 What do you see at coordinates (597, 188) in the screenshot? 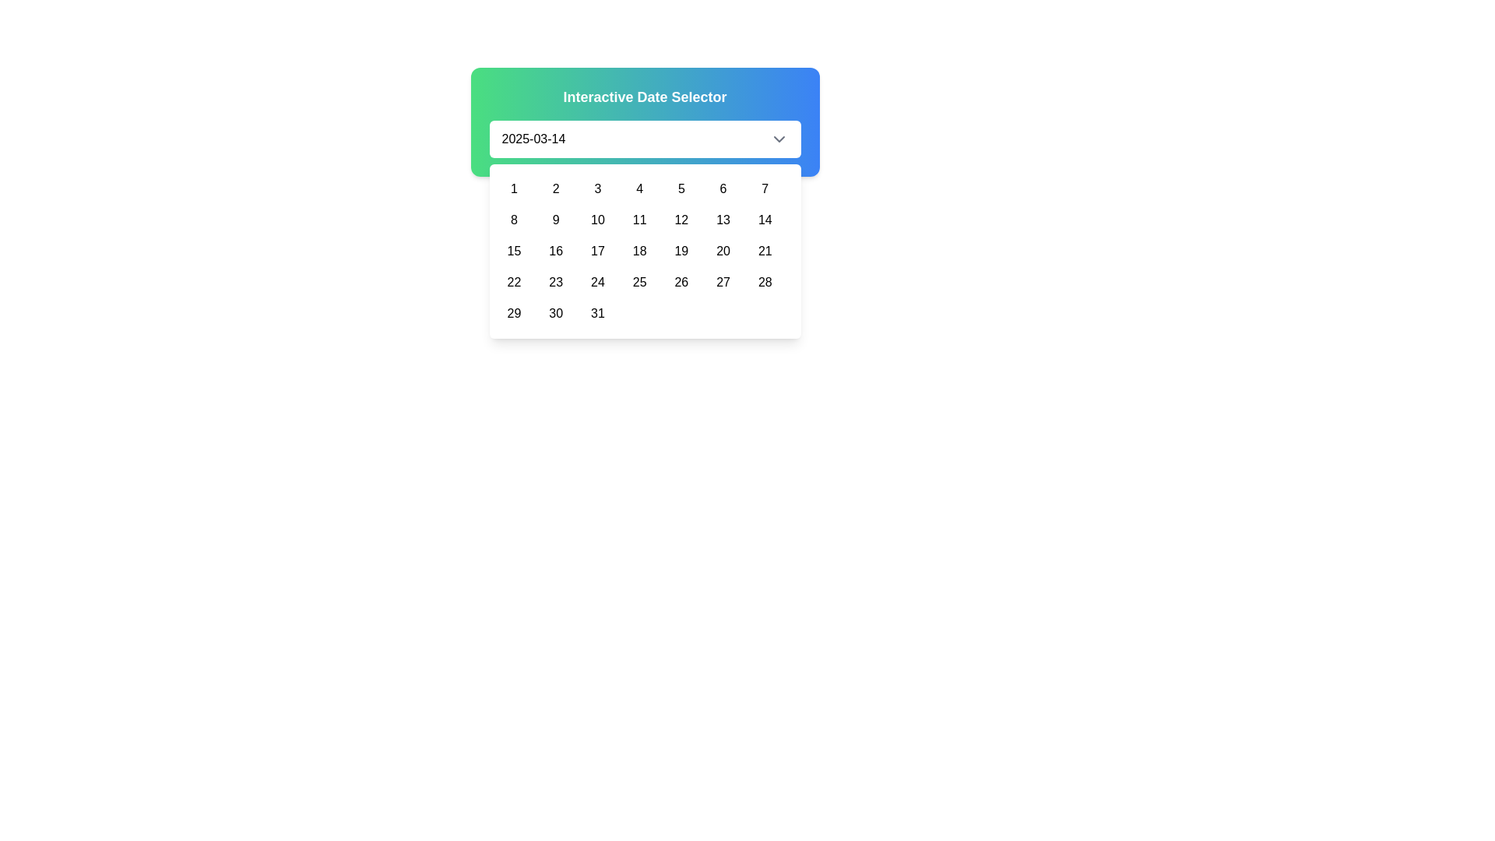
I see `the small square button with rounded borders that contains the number '3' in a date-picker interface` at bounding box center [597, 188].